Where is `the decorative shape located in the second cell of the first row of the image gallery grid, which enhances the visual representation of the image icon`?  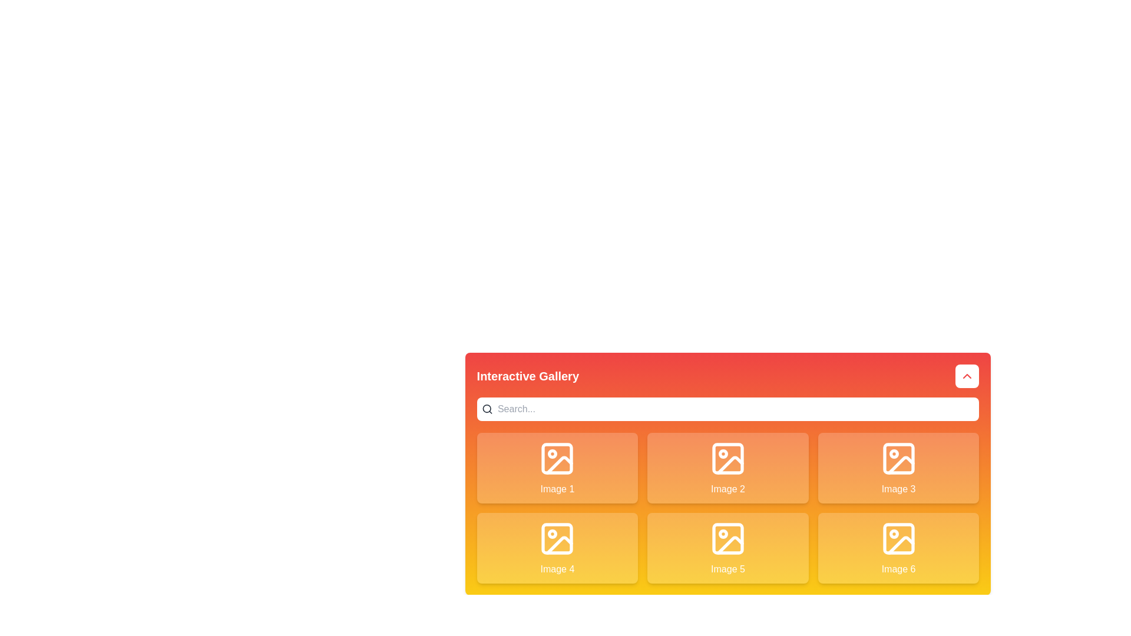
the decorative shape located in the second cell of the first row of the image gallery grid, which enhances the visual representation of the image icon is located at coordinates (727, 458).